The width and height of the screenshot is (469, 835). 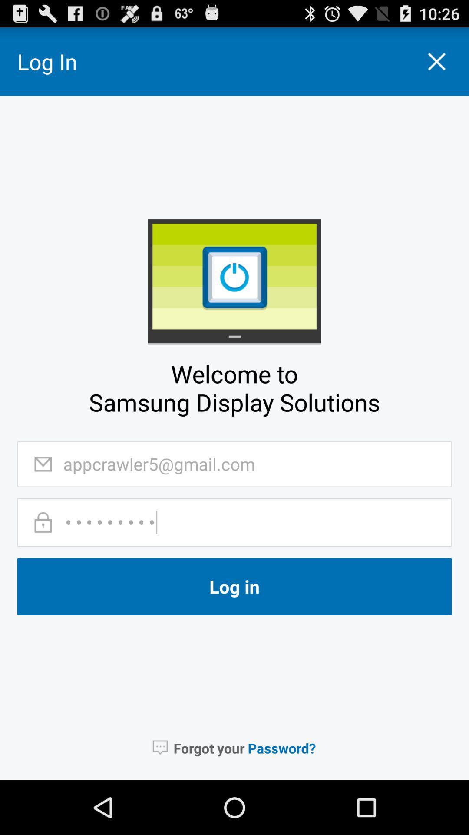 I want to click on the close icon, so click(x=436, y=65).